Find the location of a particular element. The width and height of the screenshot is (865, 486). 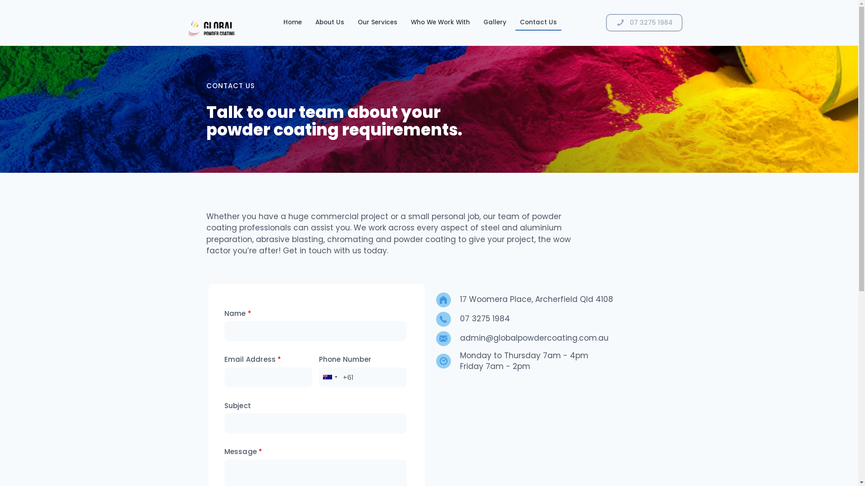

'Australia: +61' is located at coordinates (328, 377).